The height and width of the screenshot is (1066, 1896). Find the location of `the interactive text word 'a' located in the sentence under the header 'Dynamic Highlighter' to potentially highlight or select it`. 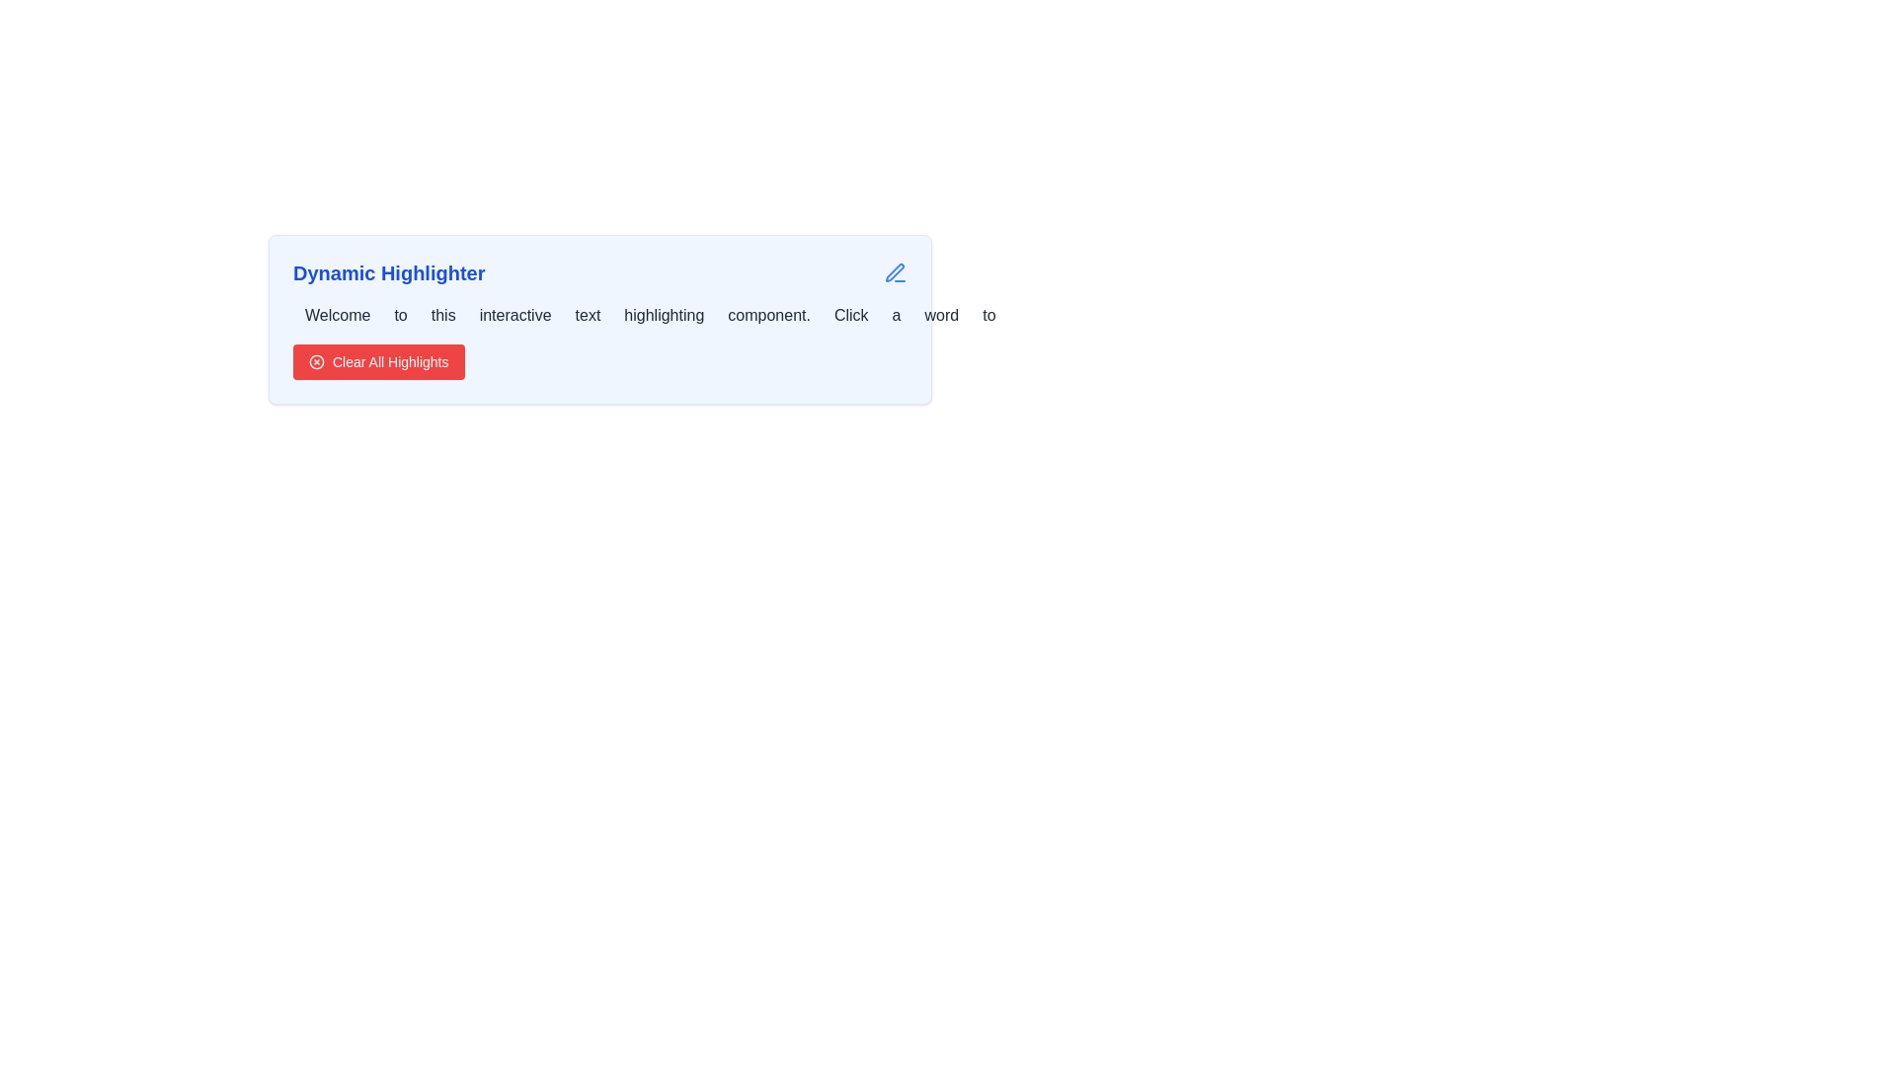

the interactive text word 'a' located in the sentence under the header 'Dynamic Highlighter' to potentially highlight or select it is located at coordinates (895, 314).